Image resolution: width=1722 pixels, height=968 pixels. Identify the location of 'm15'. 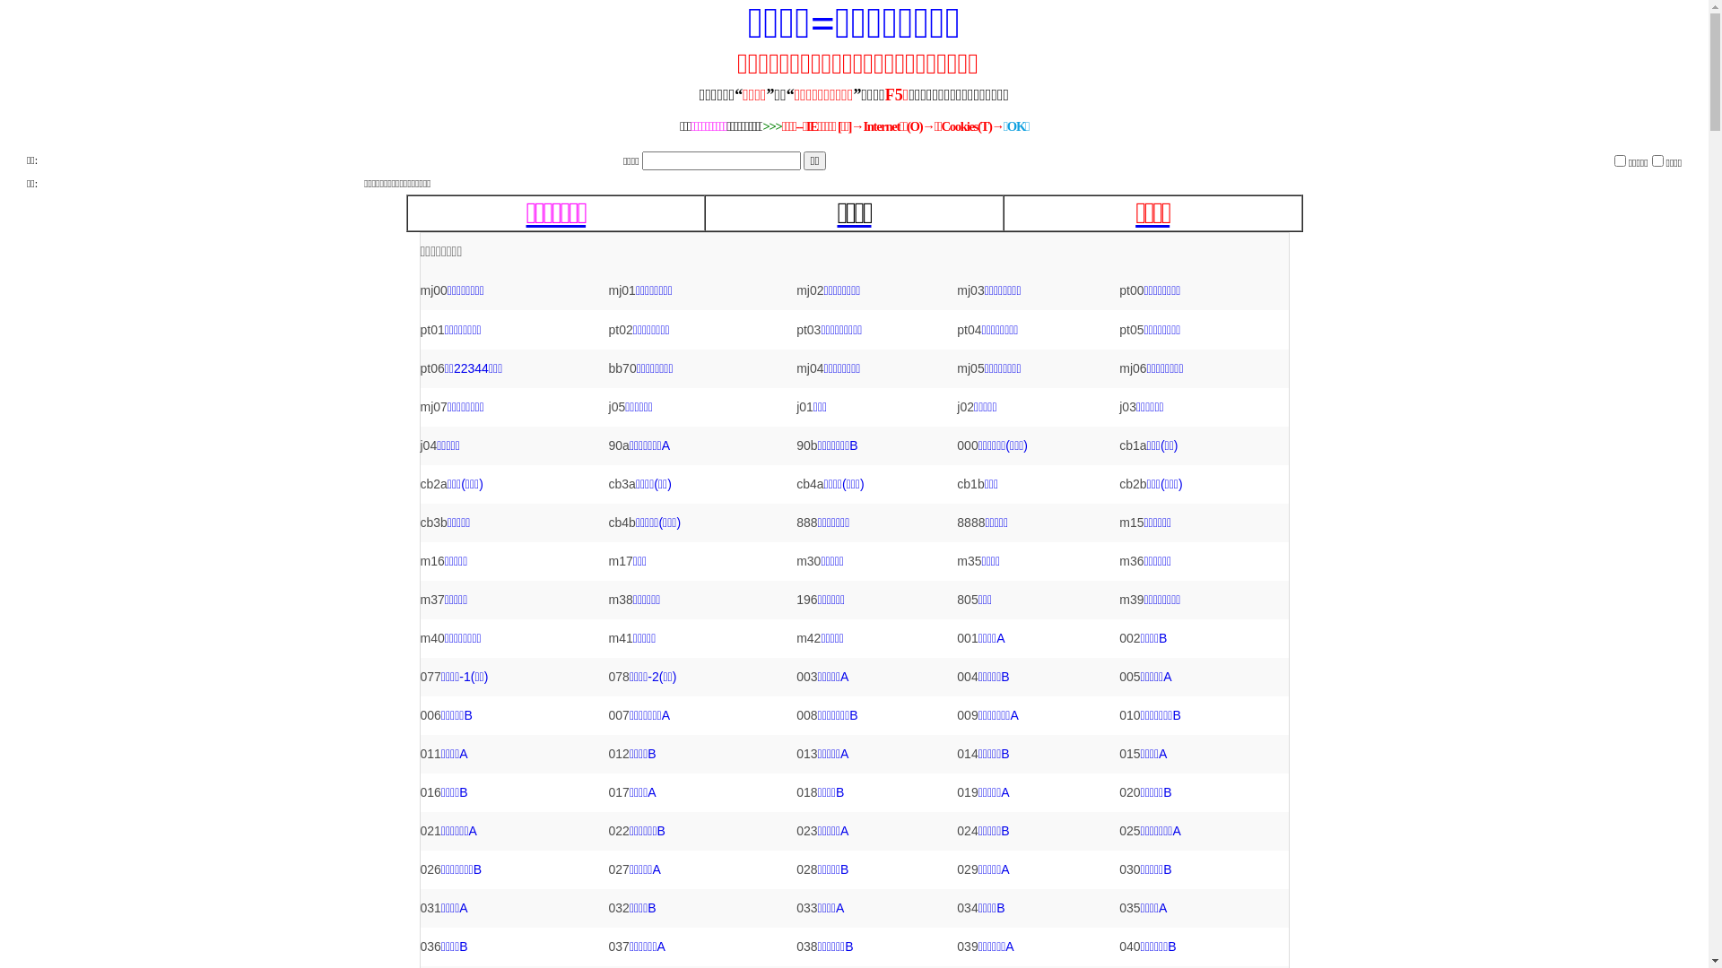
(1130, 522).